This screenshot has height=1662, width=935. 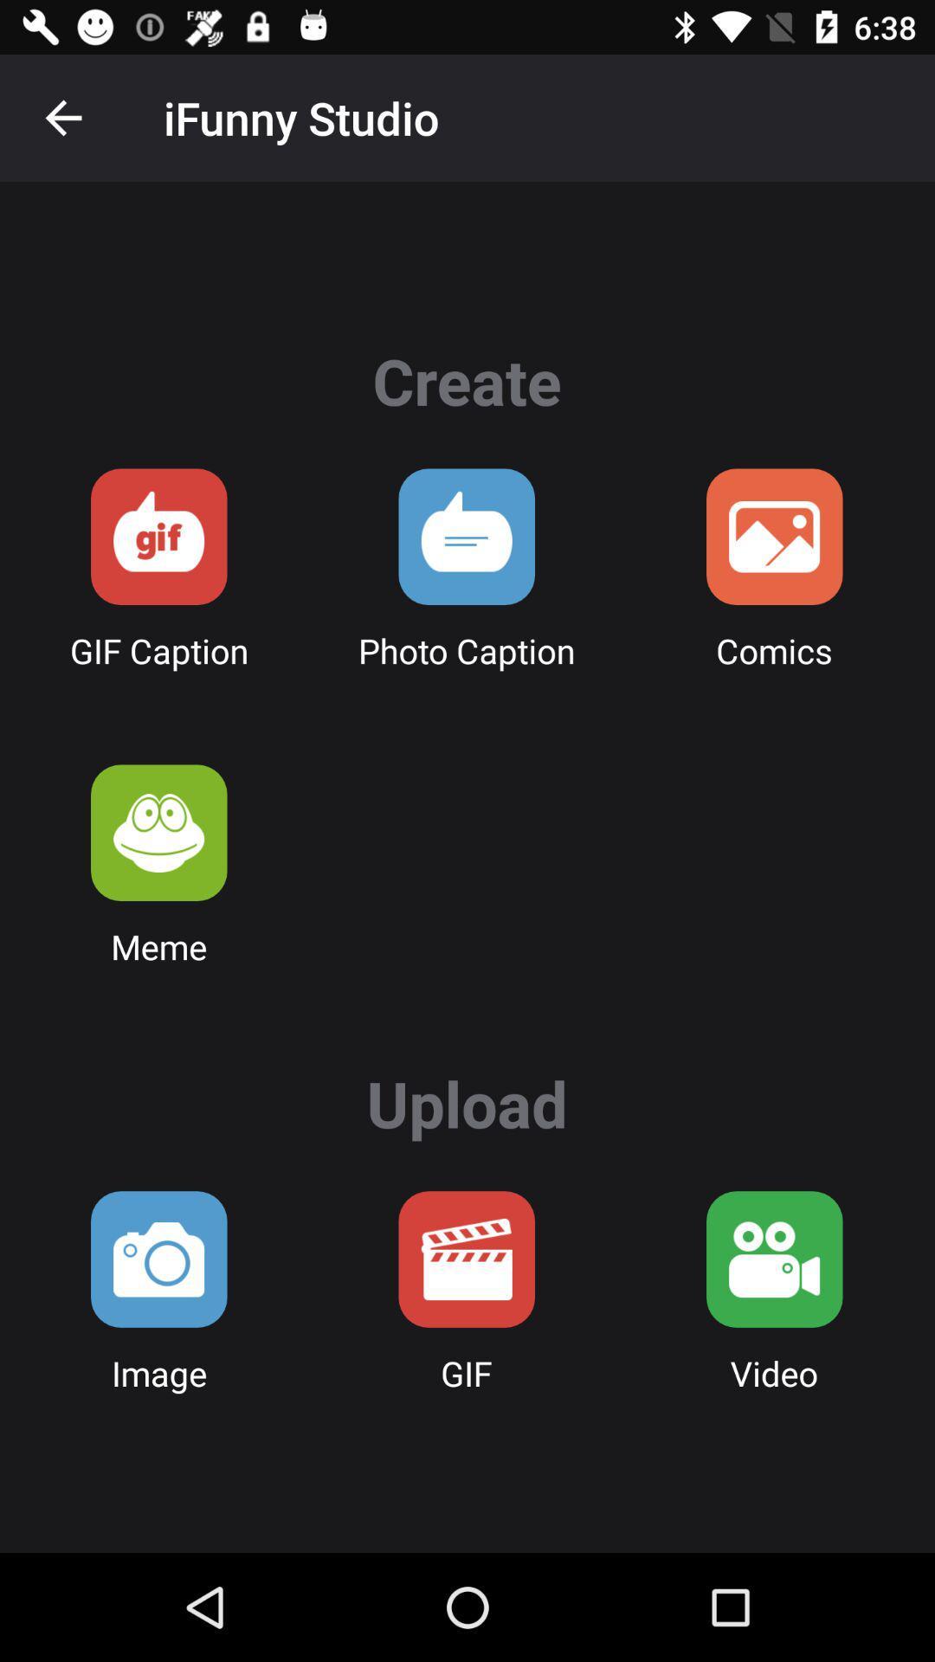 What do you see at coordinates (158, 1259) in the screenshot?
I see `upload an image` at bounding box center [158, 1259].